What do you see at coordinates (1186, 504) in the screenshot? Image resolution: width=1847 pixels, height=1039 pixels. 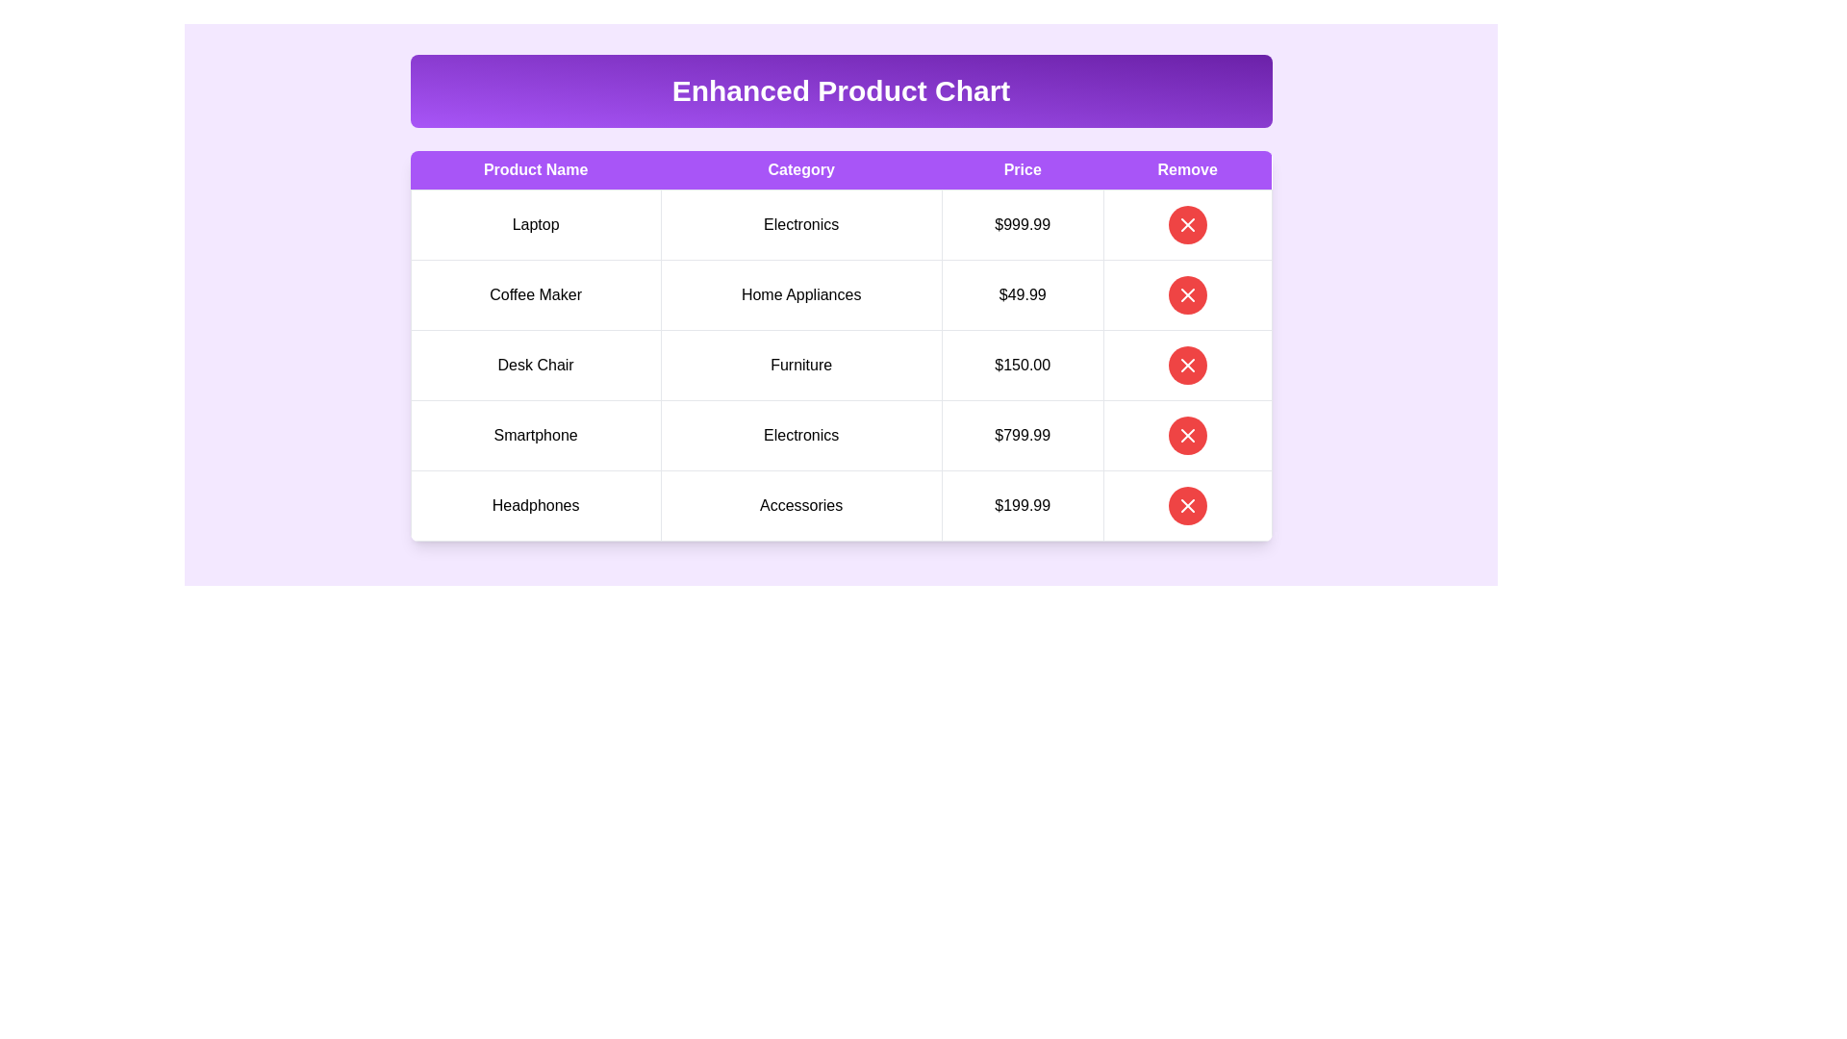 I see `the 'Remove' button associated with the 'Headphones' item in the last row of the table` at bounding box center [1186, 504].